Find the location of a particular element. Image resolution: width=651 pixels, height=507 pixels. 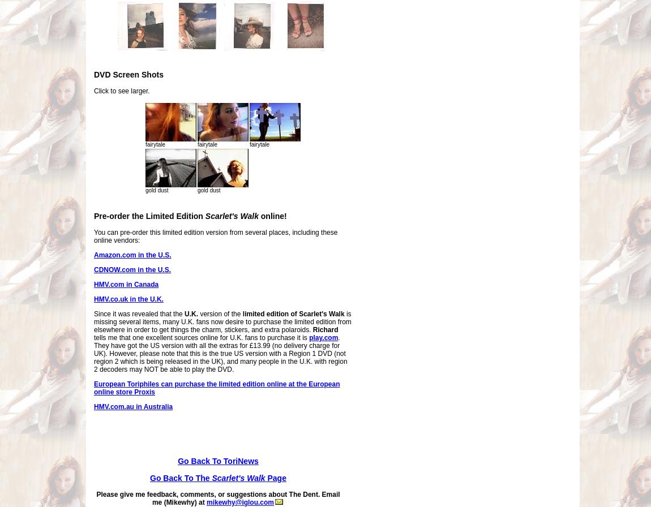

'Richard' is located at coordinates (325, 330).